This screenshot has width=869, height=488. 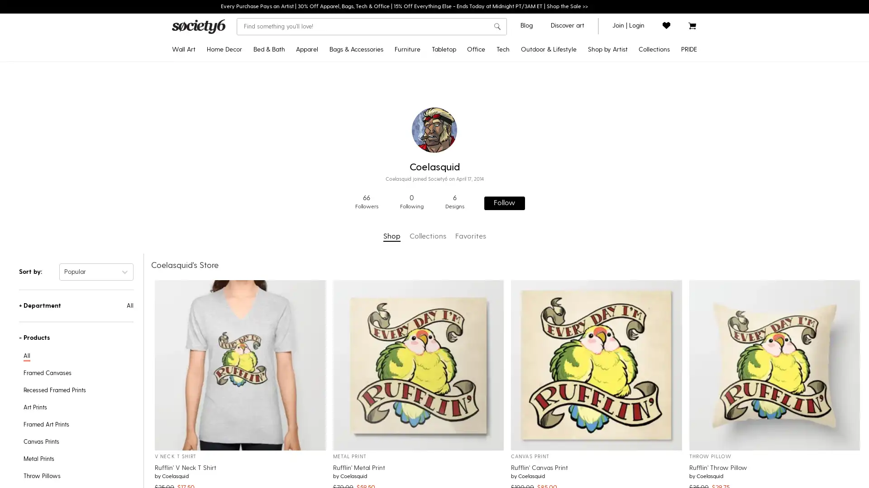 I want to click on Can Coolers, so click(x=560, y=189).